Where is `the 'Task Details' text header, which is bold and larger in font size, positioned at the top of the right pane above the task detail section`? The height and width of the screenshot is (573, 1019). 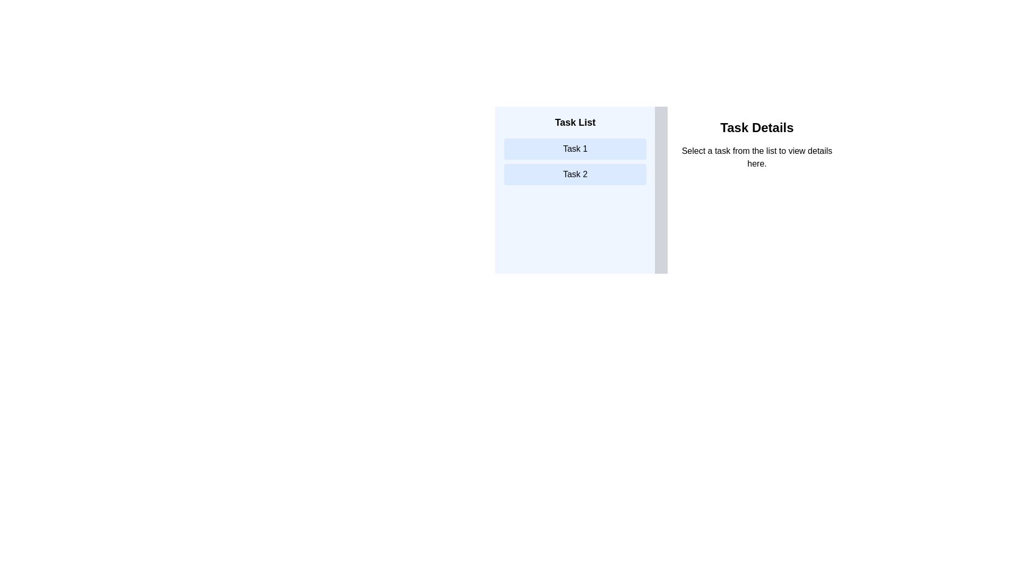 the 'Task Details' text header, which is bold and larger in font size, positioned at the top of the right pane above the task detail section is located at coordinates (756, 127).